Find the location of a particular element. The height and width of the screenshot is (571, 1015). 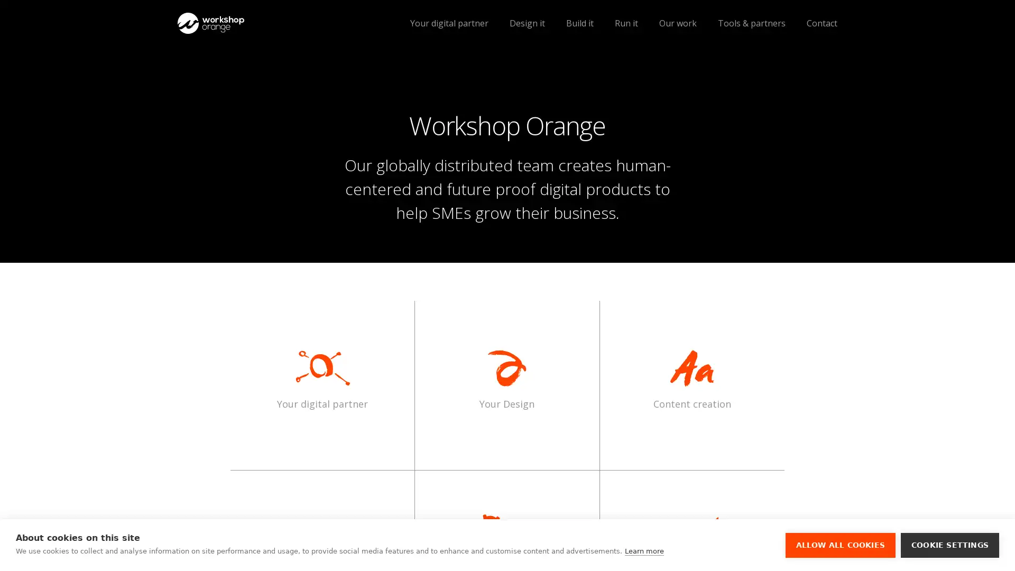

Run it is located at coordinates (626, 23).